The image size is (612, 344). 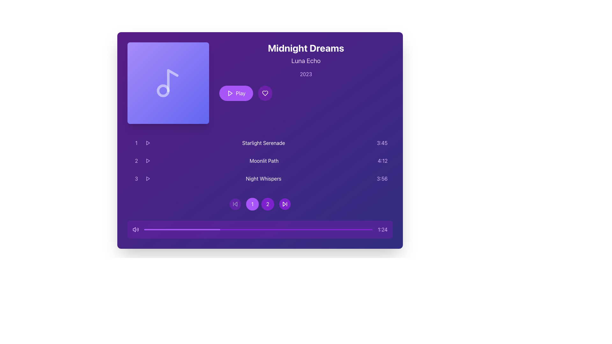 I want to click on the 'like' or 'favorite' button located to the right of the 'Play' button, so click(x=265, y=93).